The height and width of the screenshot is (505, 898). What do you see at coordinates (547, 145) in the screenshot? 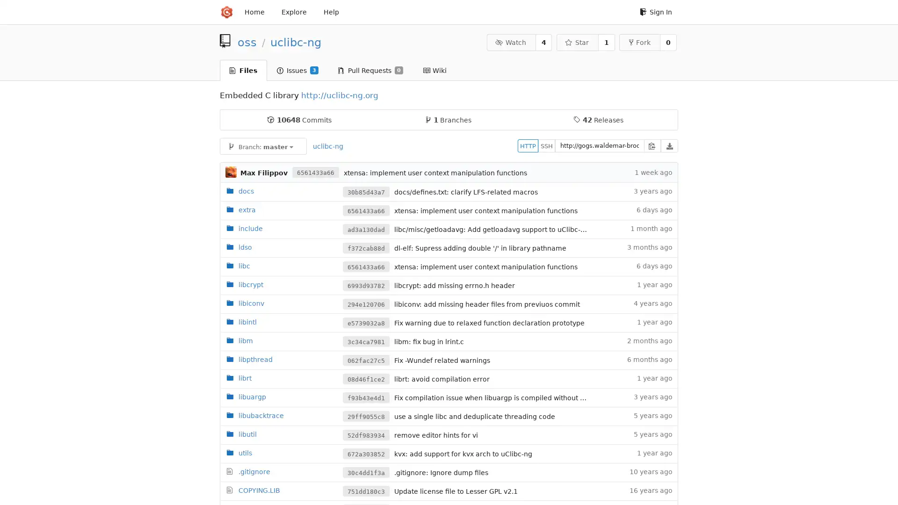
I see `SSH` at bounding box center [547, 145].